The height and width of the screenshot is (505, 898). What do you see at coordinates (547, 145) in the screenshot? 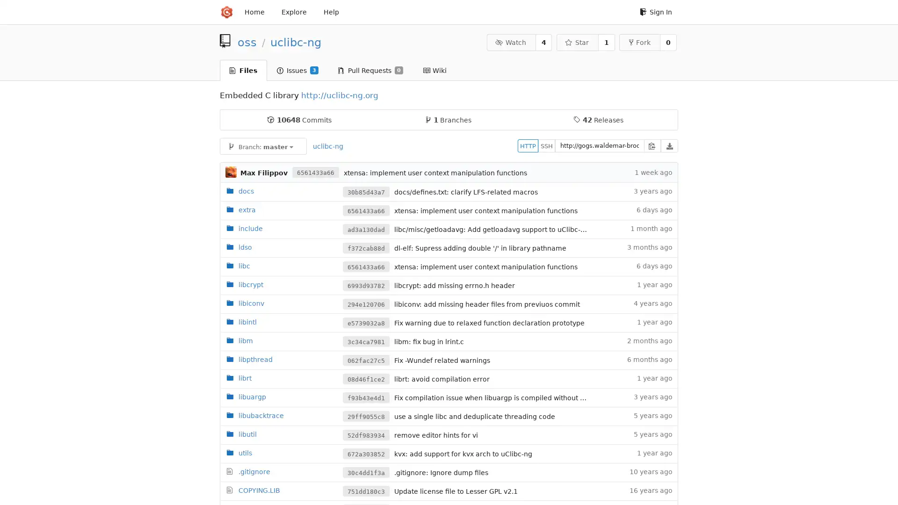
I see `SSH` at bounding box center [547, 145].